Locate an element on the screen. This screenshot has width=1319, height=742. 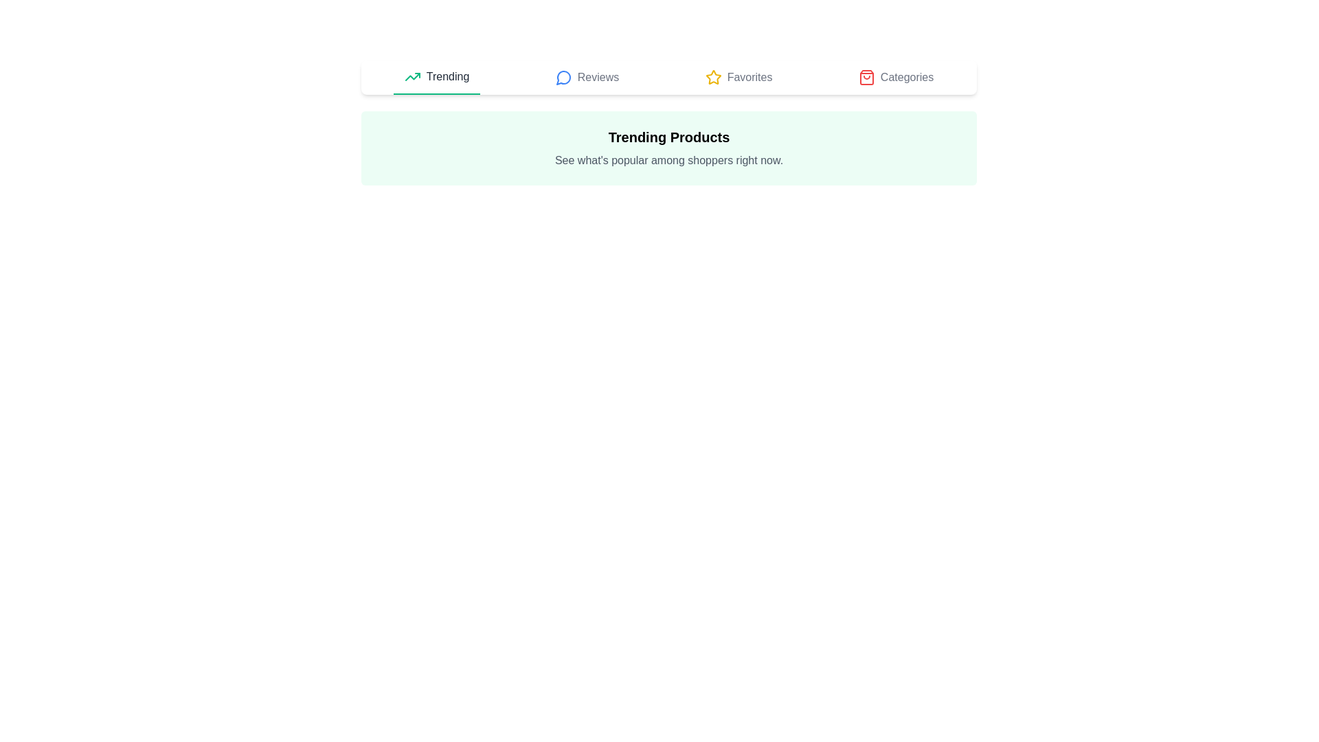
the shopping bag icon, which is a red SVG graphic located in the header menu as the rightmost icon among four options is located at coordinates (866, 77).